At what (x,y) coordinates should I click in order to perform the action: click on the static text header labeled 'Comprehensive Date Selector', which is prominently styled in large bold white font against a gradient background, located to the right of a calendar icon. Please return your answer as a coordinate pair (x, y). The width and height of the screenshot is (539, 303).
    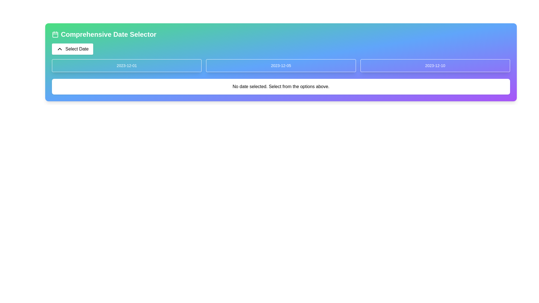
    Looking at the image, I should click on (109, 35).